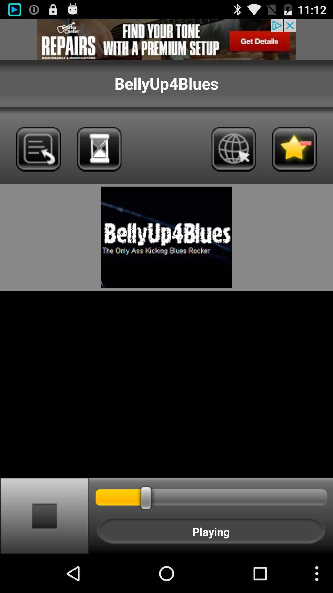 Image resolution: width=333 pixels, height=593 pixels. Describe the element at coordinates (99, 149) in the screenshot. I see `alarm` at that location.